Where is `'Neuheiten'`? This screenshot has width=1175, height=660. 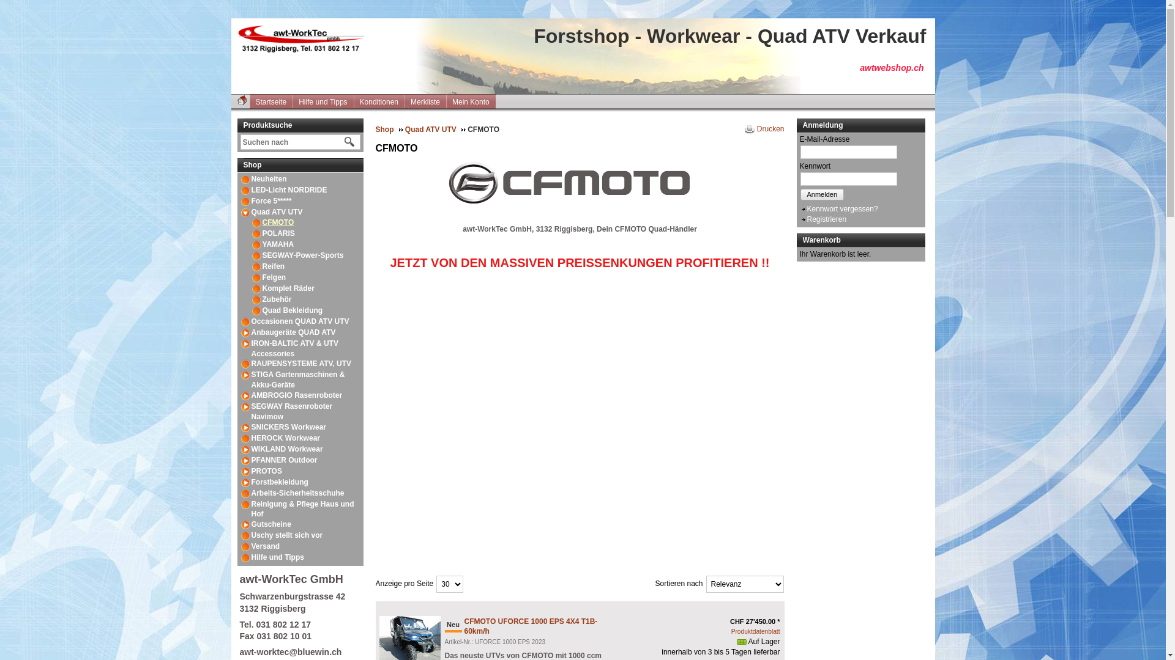 'Neuheiten' is located at coordinates (269, 179).